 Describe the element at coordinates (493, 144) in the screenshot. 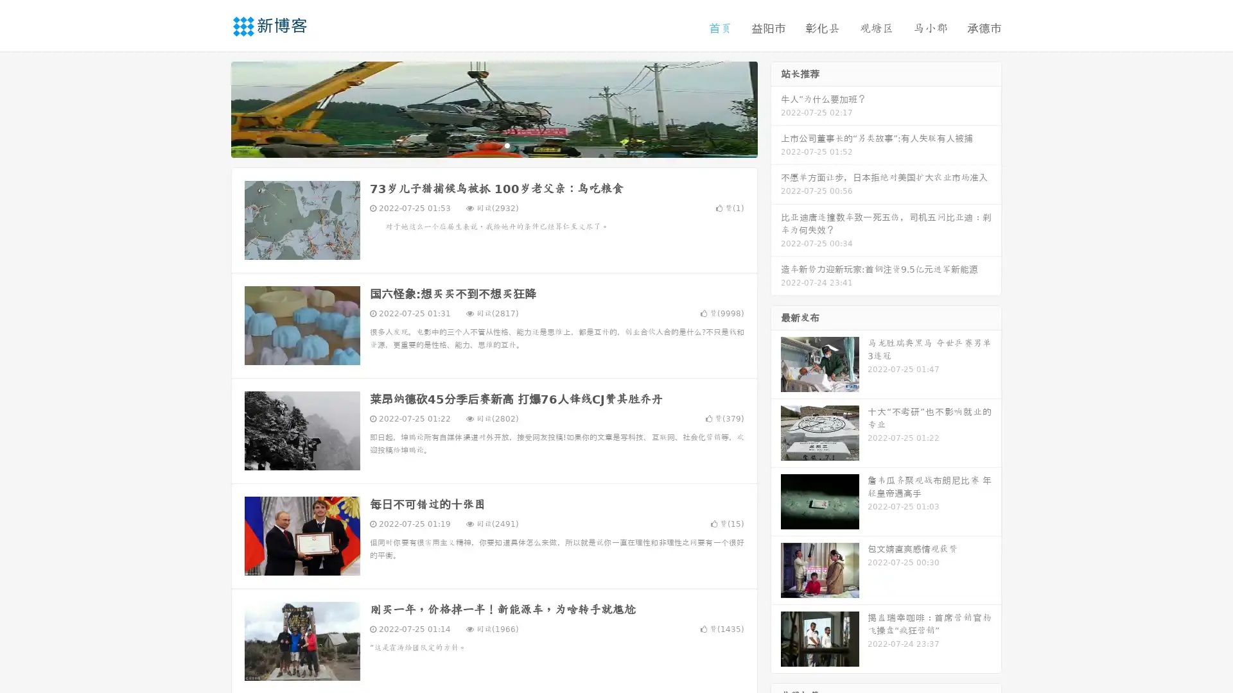

I see `Go to slide 2` at that location.